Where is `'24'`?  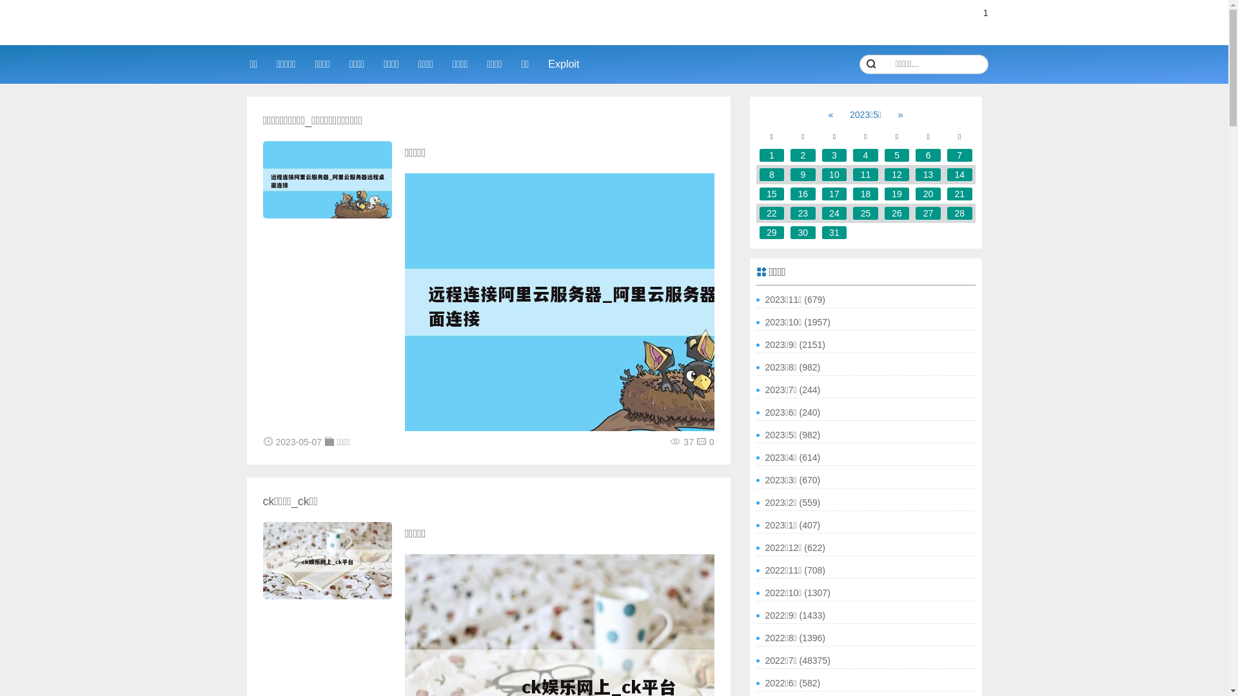
'24' is located at coordinates (834, 213).